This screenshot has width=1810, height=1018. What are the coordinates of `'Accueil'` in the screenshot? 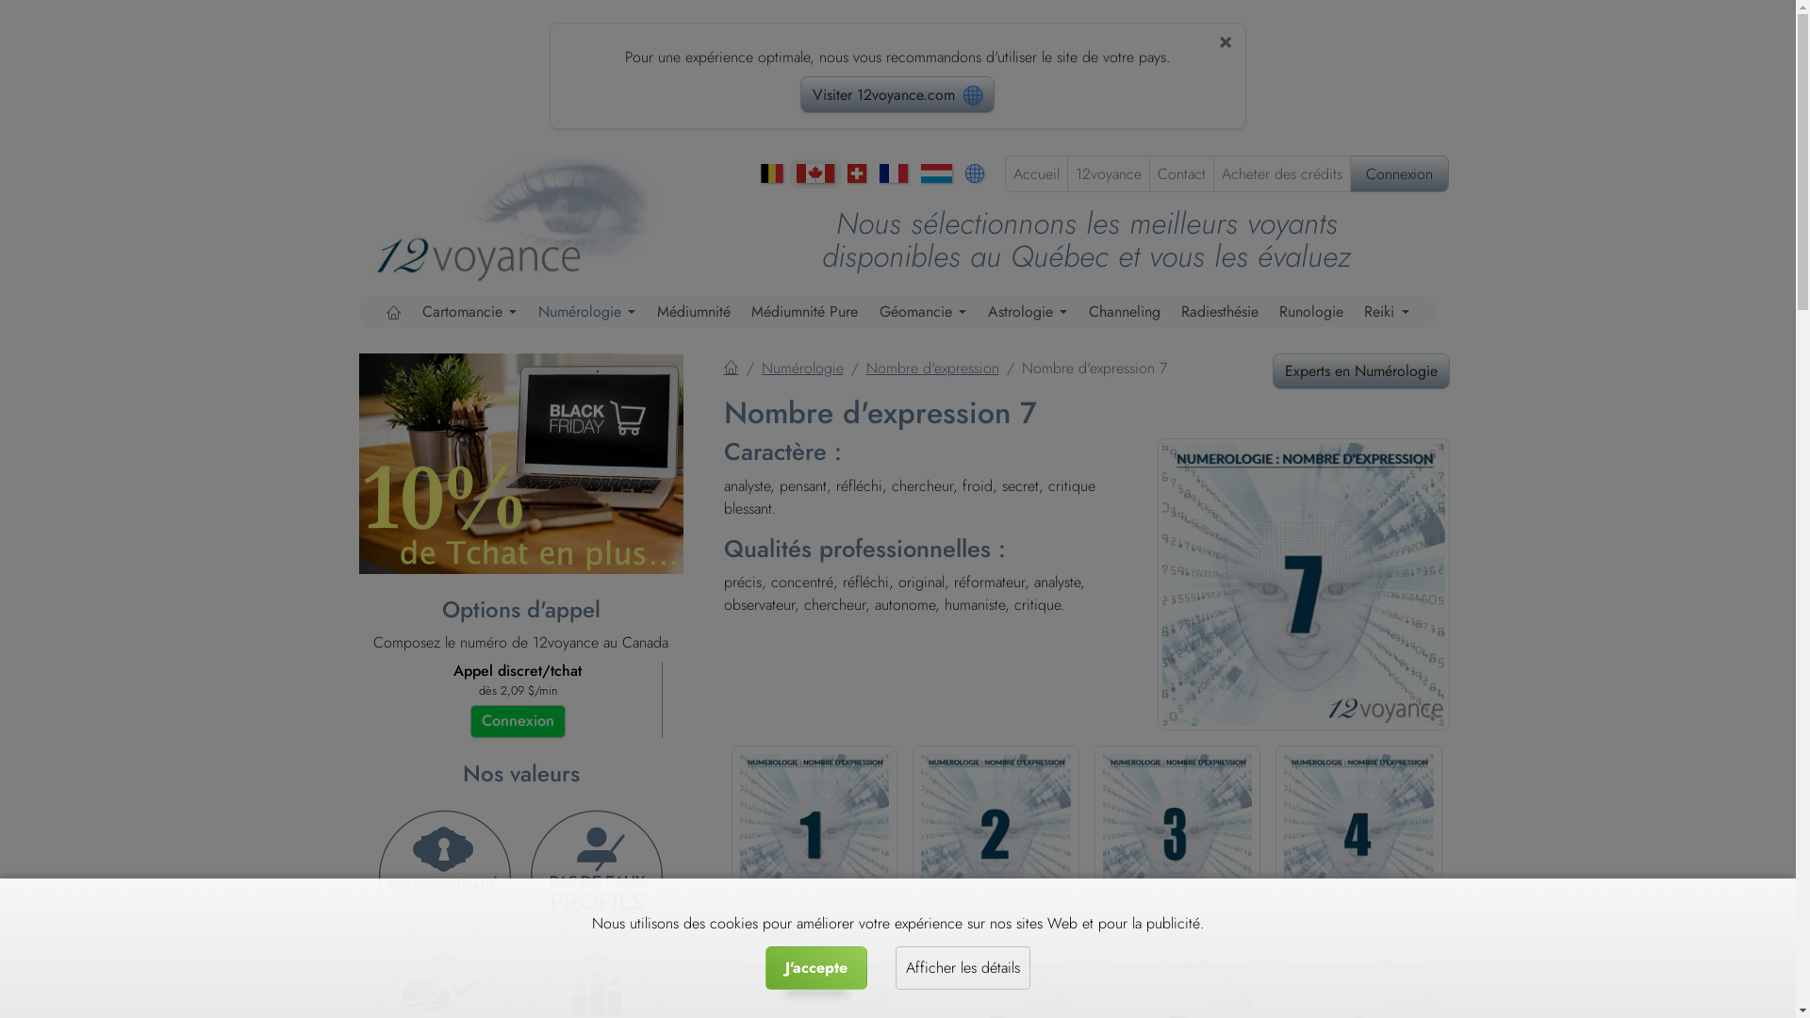 It's located at (731, 368).